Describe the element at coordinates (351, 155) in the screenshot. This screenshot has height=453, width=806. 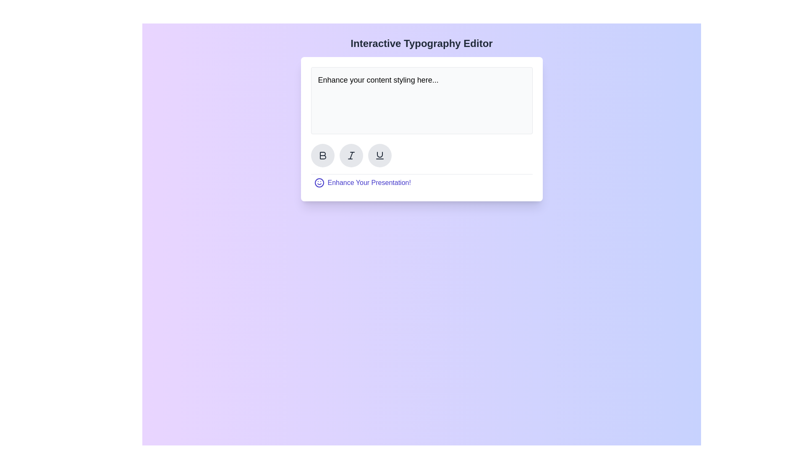
I see `the italic text formatting icon button, which is the middle icon in a row of three formatting buttons` at that location.